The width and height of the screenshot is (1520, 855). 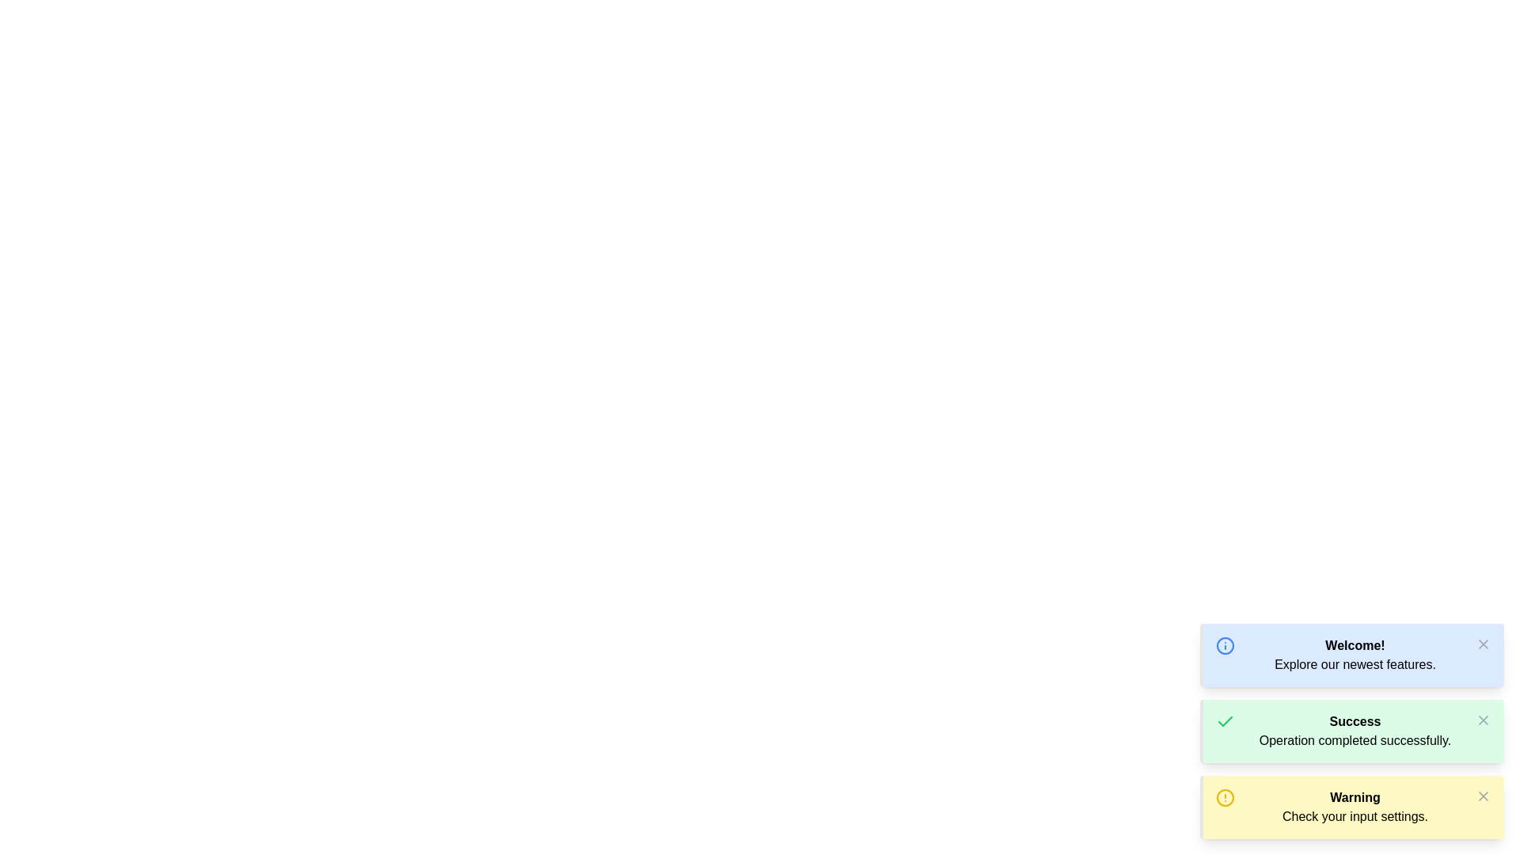 What do you see at coordinates (1355, 797) in the screenshot?
I see `the bold 'Warning' label displayed in black font within the yellow notification box, located at the top-center of the box` at bounding box center [1355, 797].